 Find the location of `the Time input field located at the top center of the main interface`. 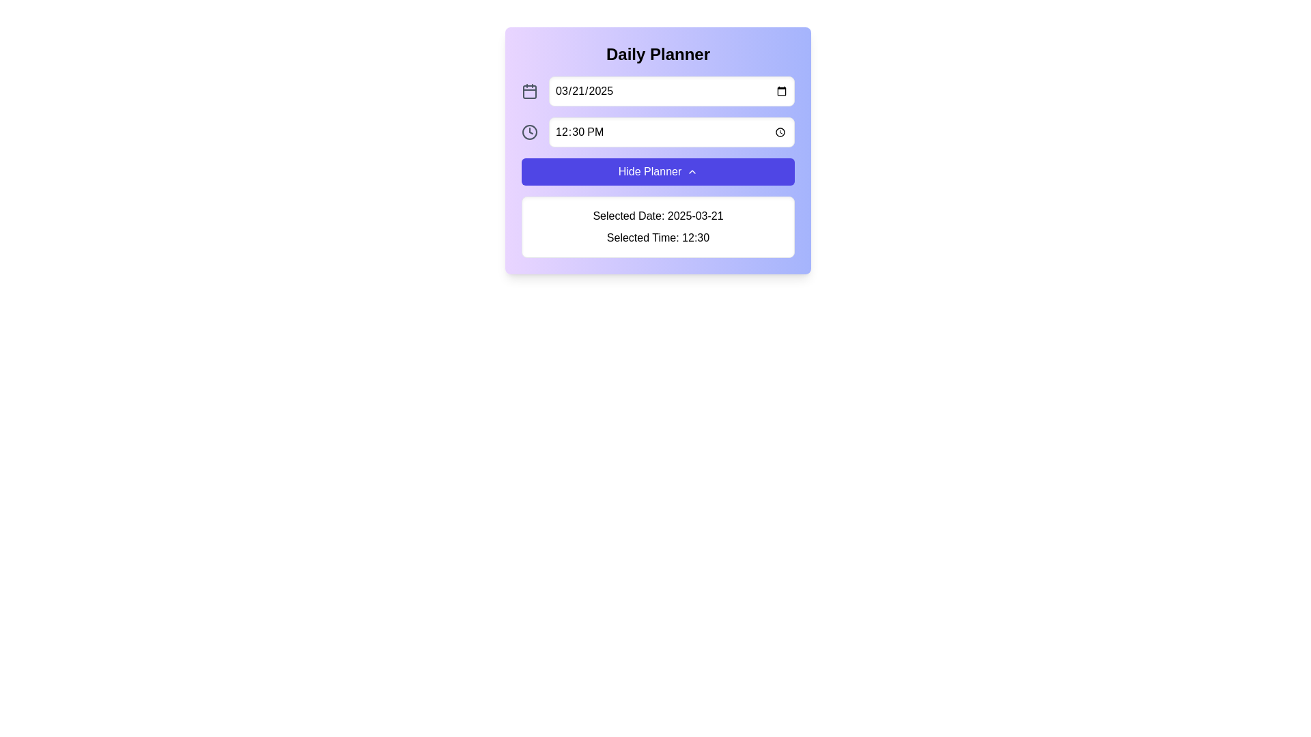

the Time input field located at the top center of the main interface is located at coordinates (671, 132).